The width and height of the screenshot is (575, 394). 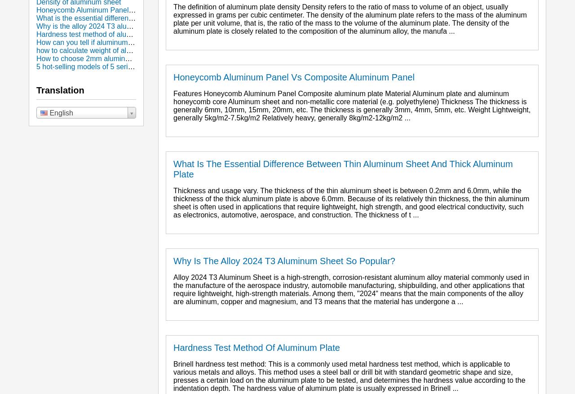 What do you see at coordinates (111, 66) in the screenshot?
I see `'5 hot-selling models of 5 series aluminum plate'` at bounding box center [111, 66].